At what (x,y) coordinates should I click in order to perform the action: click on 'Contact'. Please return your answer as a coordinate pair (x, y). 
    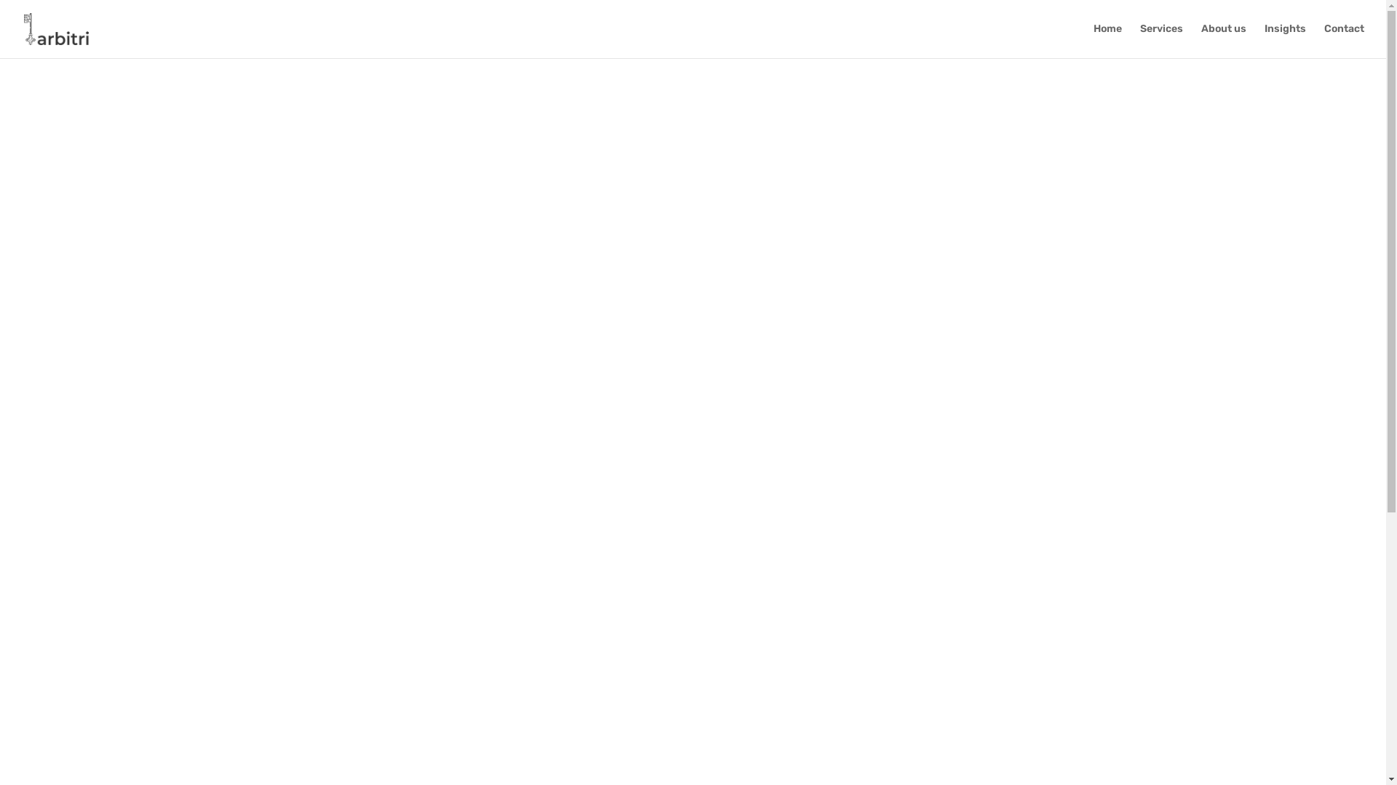
    Looking at the image, I should click on (1343, 40).